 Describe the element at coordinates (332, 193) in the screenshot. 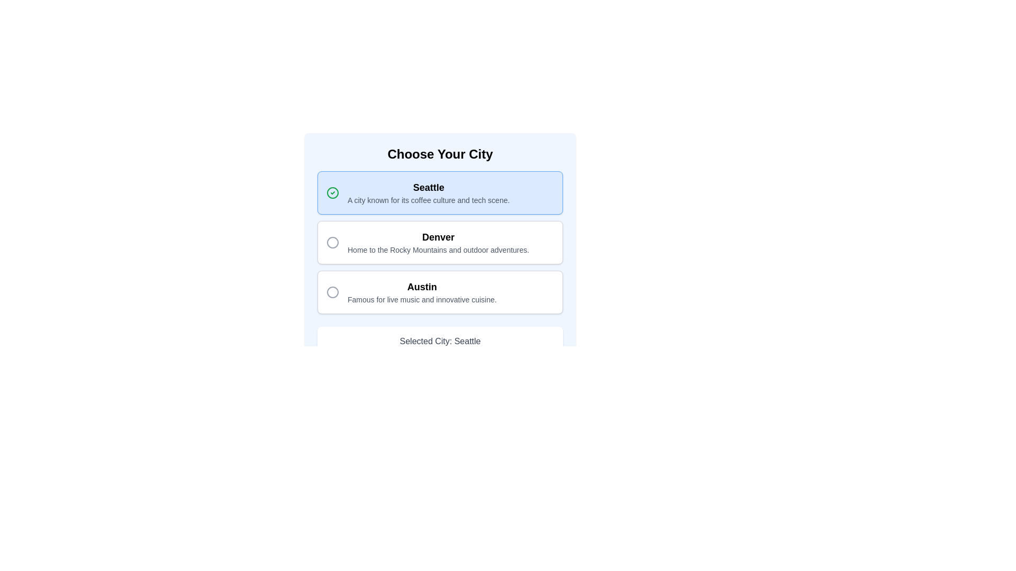

I see `green checkmark SVG circle element located next to the label 'Seattle' within the selection interface` at that location.